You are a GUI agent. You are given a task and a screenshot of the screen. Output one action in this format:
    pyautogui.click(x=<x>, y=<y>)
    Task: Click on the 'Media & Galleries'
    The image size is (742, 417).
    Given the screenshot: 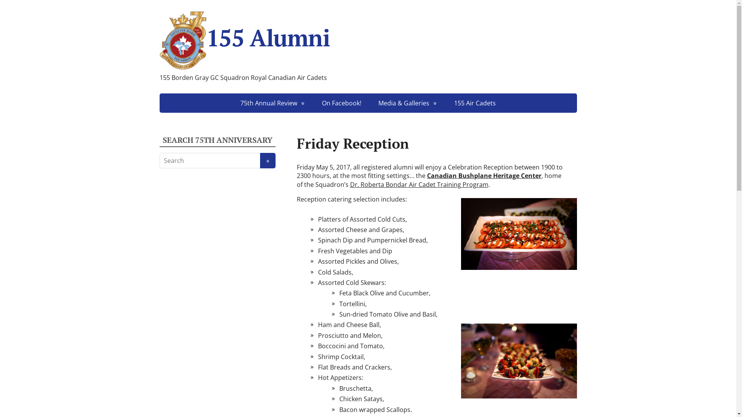 What is the action you would take?
    pyautogui.click(x=370, y=102)
    